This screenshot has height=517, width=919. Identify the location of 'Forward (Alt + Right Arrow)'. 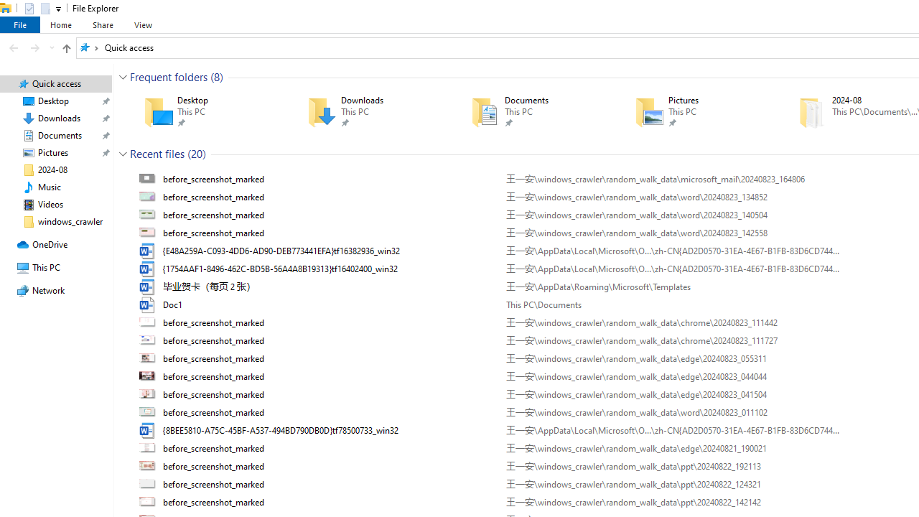
(35, 47).